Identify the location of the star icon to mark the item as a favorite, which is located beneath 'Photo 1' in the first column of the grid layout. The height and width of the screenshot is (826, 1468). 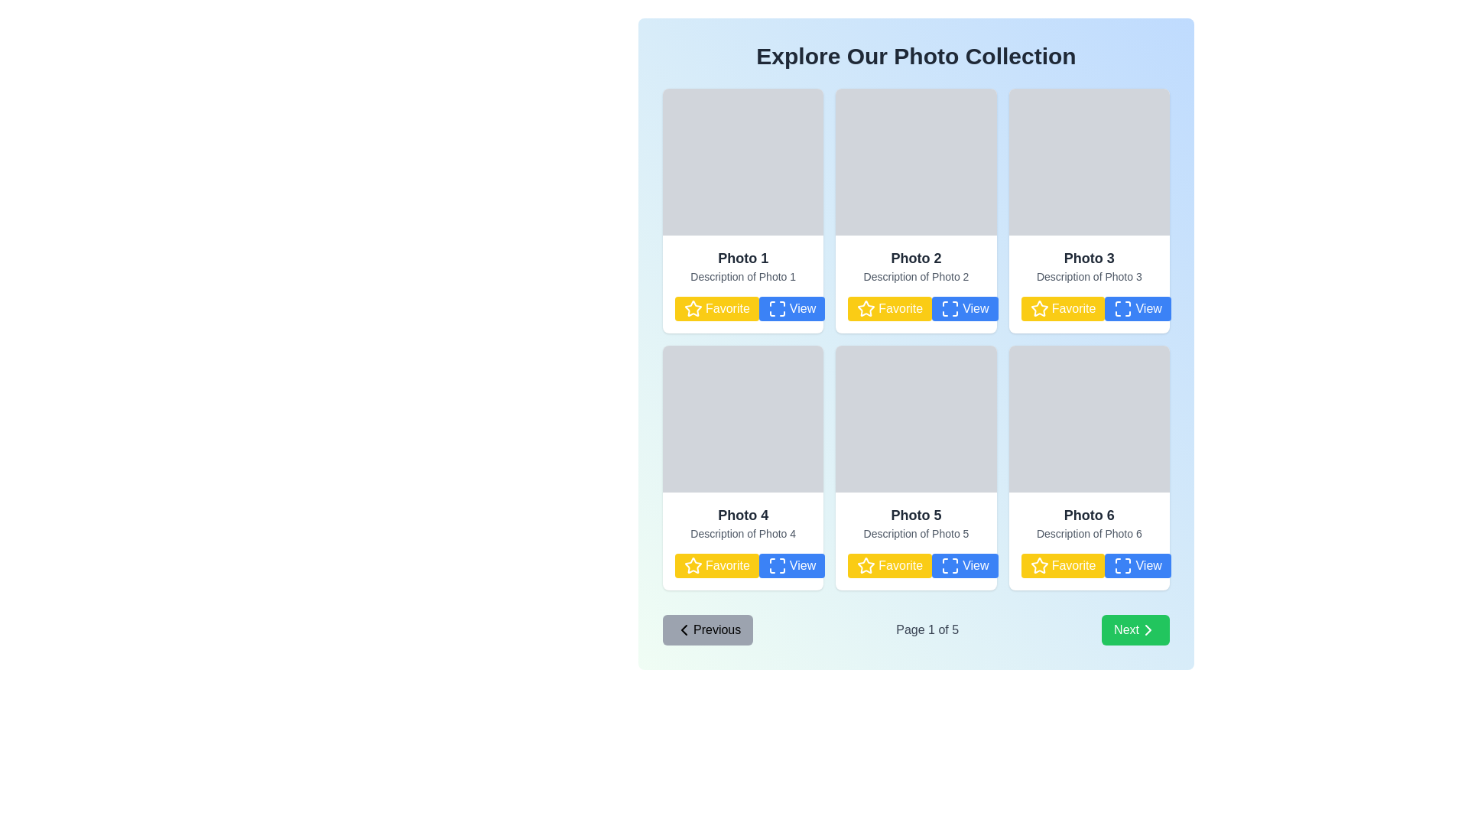
(693, 309).